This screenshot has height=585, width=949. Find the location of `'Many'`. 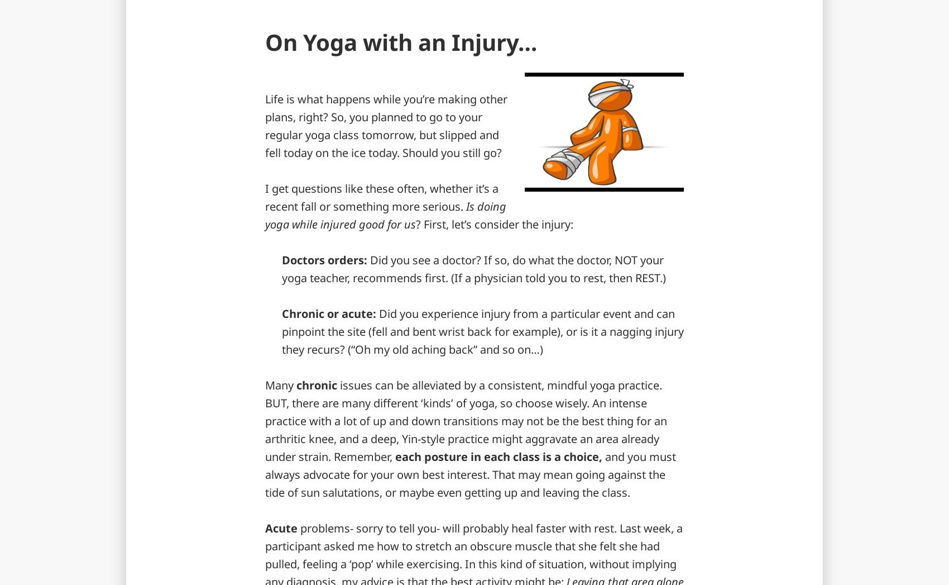

'Many' is located at coordinates (279, 384).